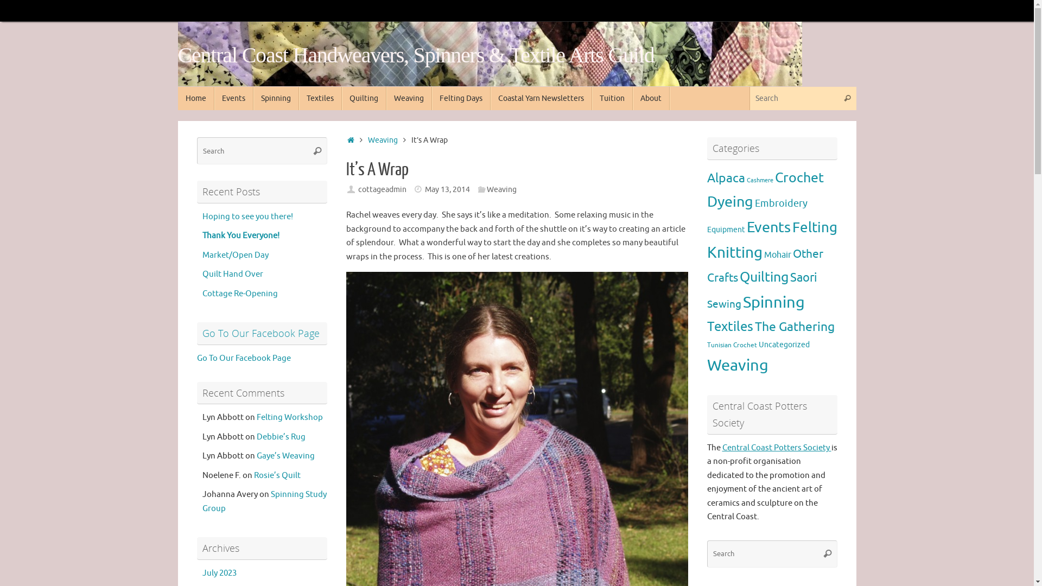  I want to click on 'Tunisian Crochet', so click(706, 345).